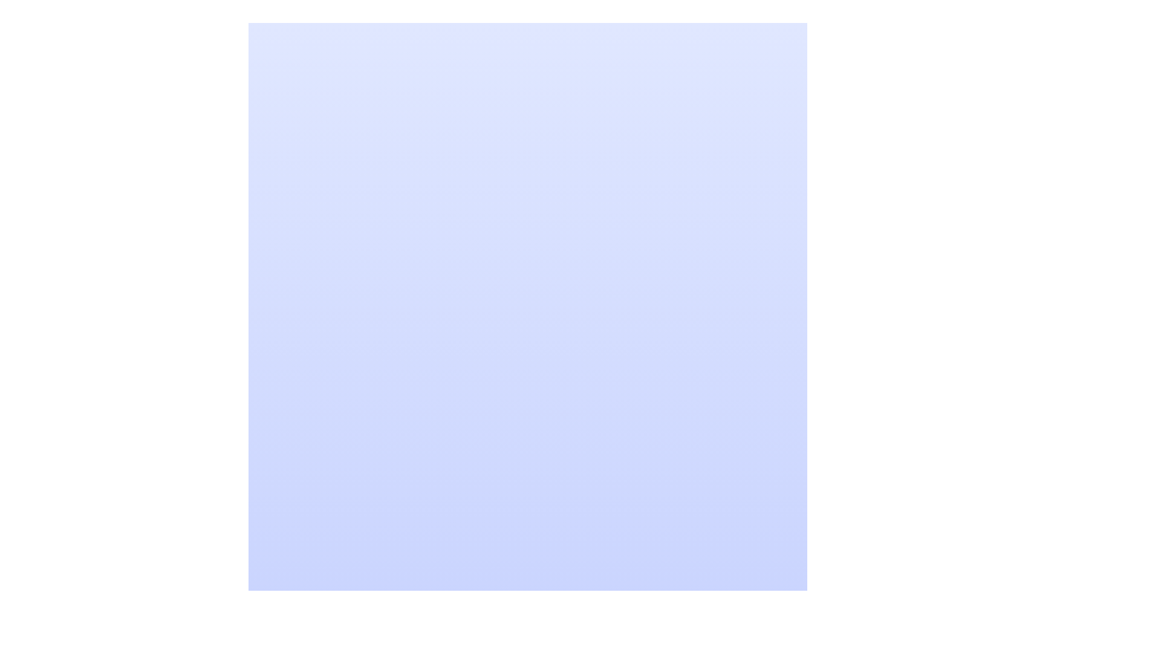 This screenshot has height=653, width=1161. What do you see at coordinates (775, 643) in the screenshot?
I see `the circular vector graphic element located at the bottom-right of the context image, which is defined by a smooth border and styled without specific fill` at bounding box center [775, 643].